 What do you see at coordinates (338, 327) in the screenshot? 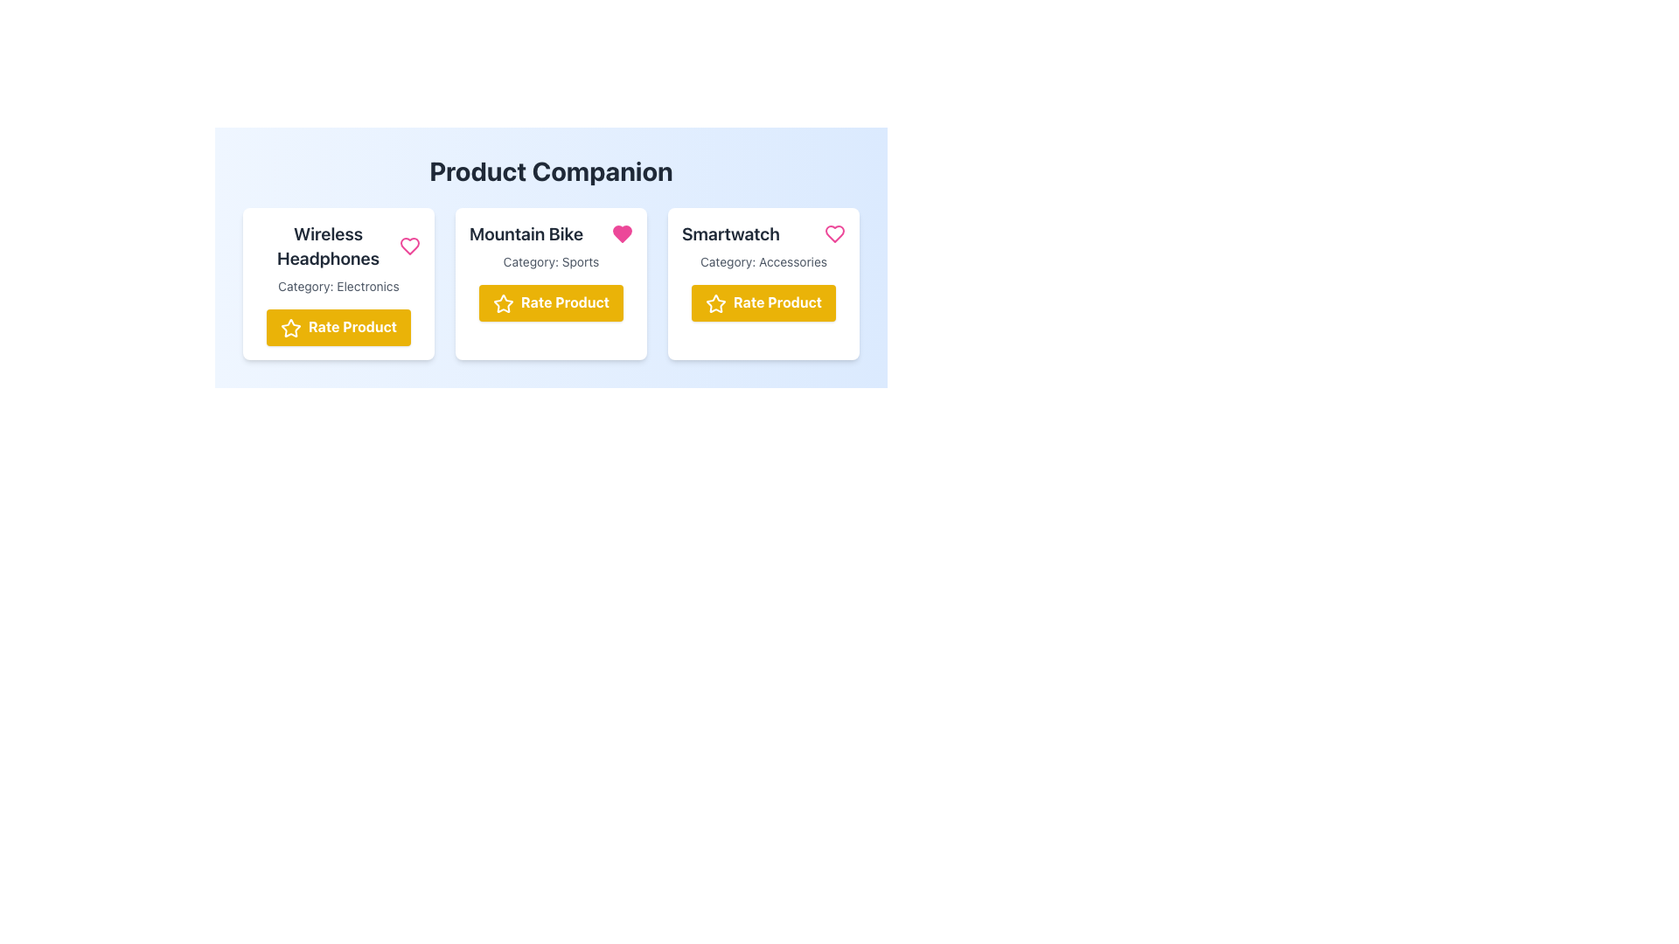
I see `the leftmost button to rate the 'Wireless Headphones' product, which opens a rating interface` at bounding box center [338, 327].